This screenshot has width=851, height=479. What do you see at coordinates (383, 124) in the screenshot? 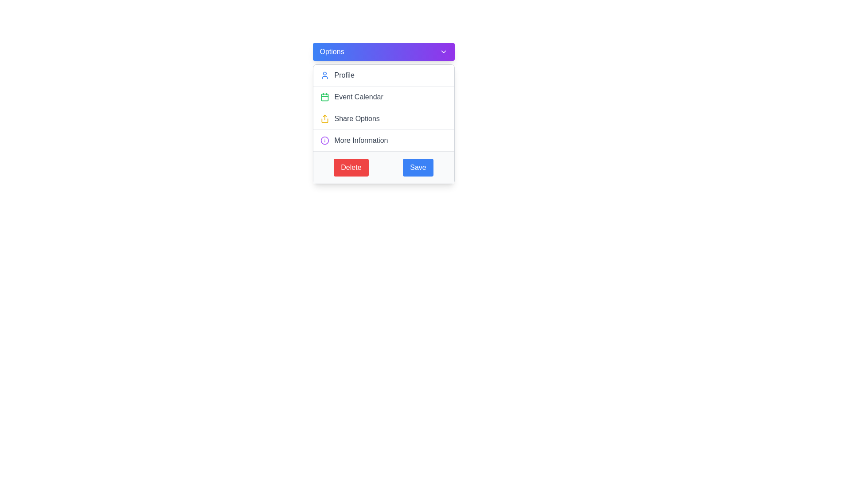
I see `the third item in the dropdown menu that allows the user to share resources, located below the 'Options' button with a purple and blue gradient` at bounding box center [383, 124].